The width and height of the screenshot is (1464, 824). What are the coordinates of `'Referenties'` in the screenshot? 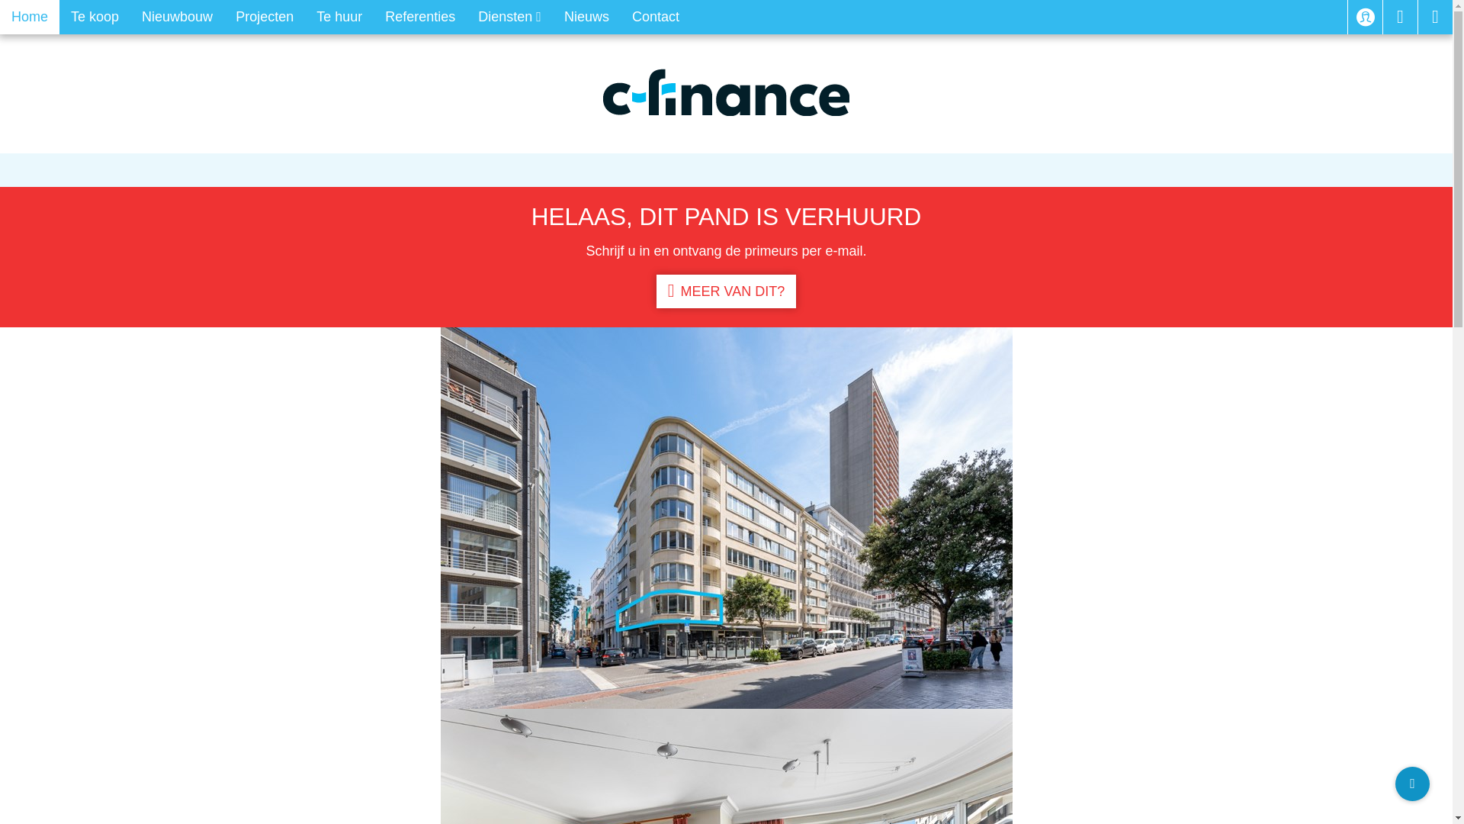 It's located at (373, 17).